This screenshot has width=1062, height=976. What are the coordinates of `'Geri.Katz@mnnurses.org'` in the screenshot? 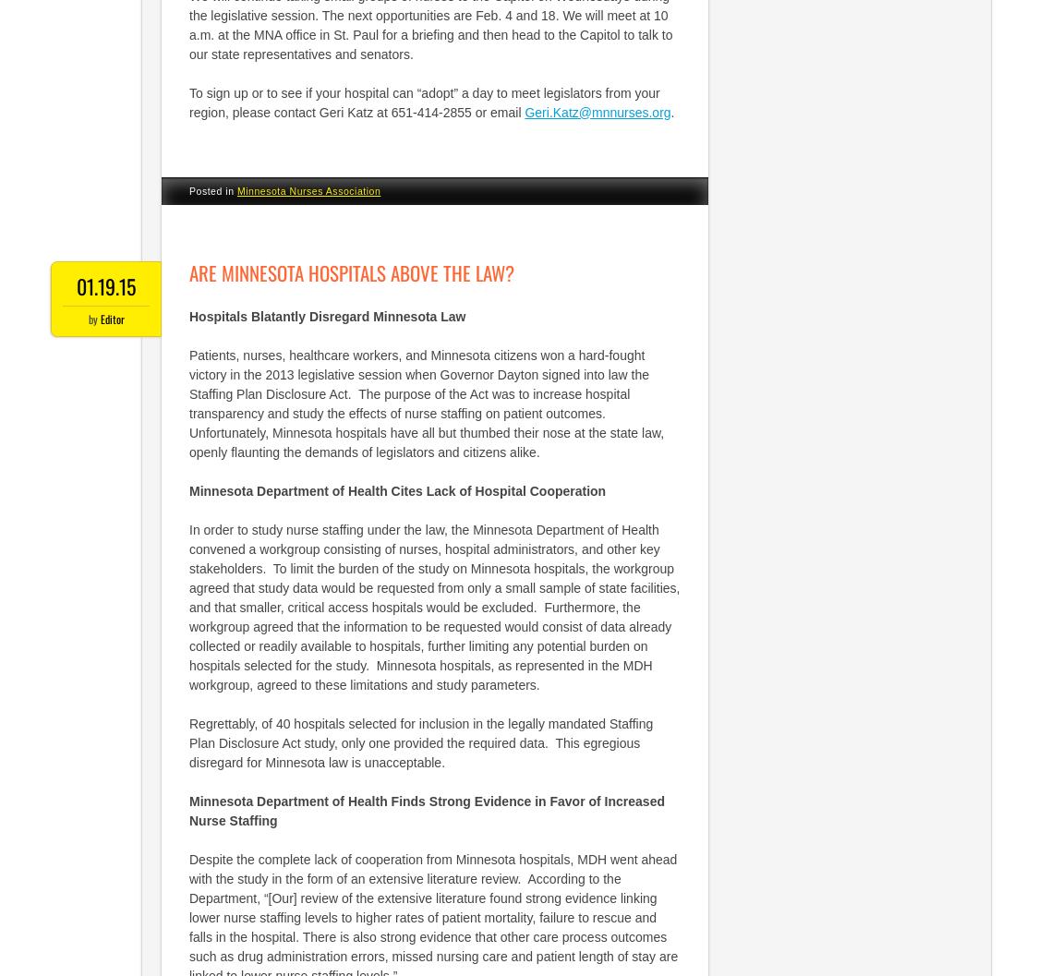 It's located at (524, 111).